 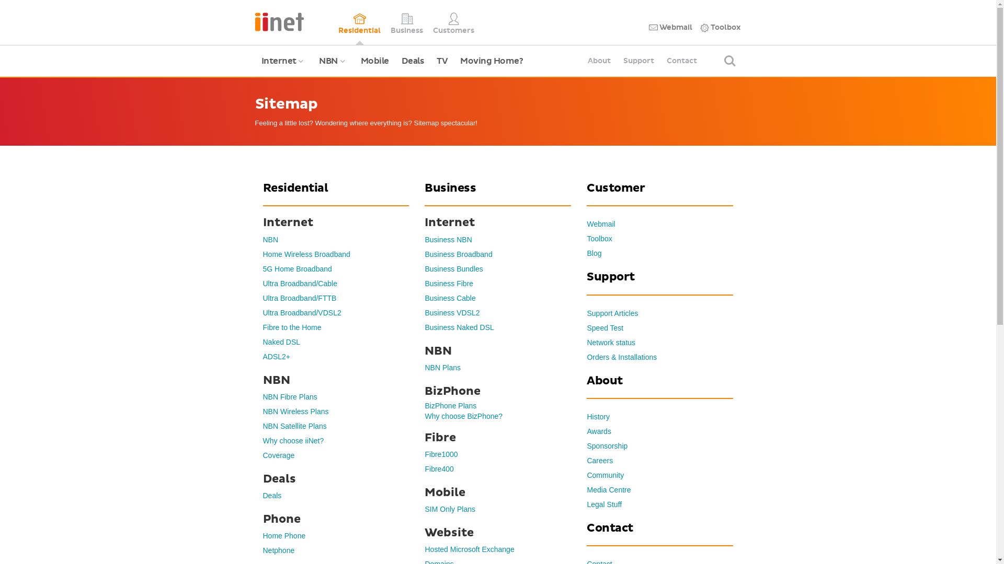 What do you see at coordinates (299, 284) in the screenshot?
I see `'Ultra Broadband/Cable'` at bounding box center [299, 284].